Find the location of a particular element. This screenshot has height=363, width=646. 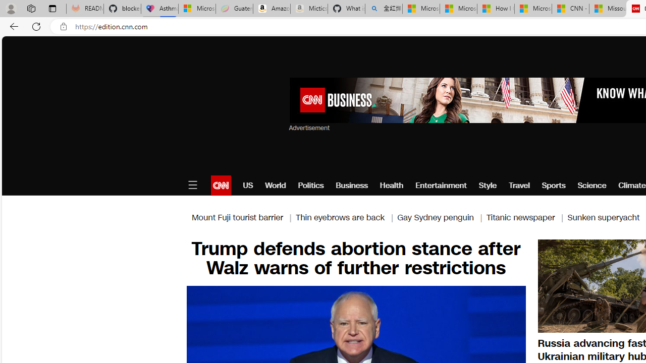

'Style' is located at coordinates (488, 185).